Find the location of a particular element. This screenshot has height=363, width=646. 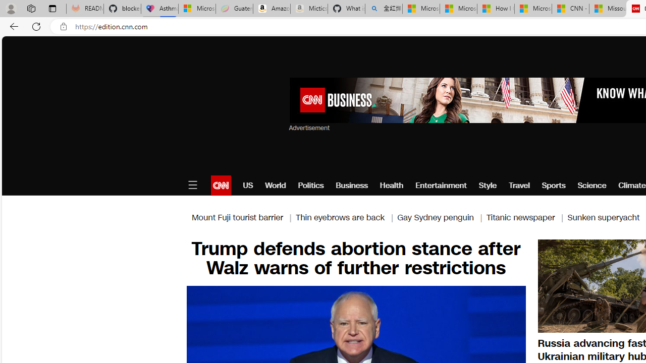

'Style' is located at coordinates (488, 185).